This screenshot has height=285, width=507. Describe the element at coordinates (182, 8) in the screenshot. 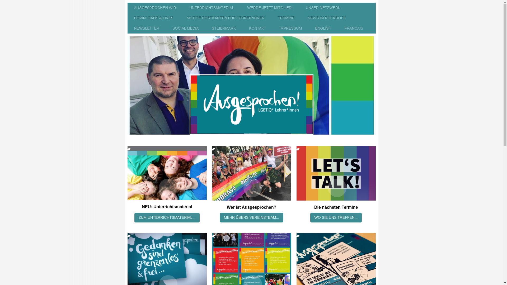

I see `'UNTERRICHTSMATERIAL'` at that location.